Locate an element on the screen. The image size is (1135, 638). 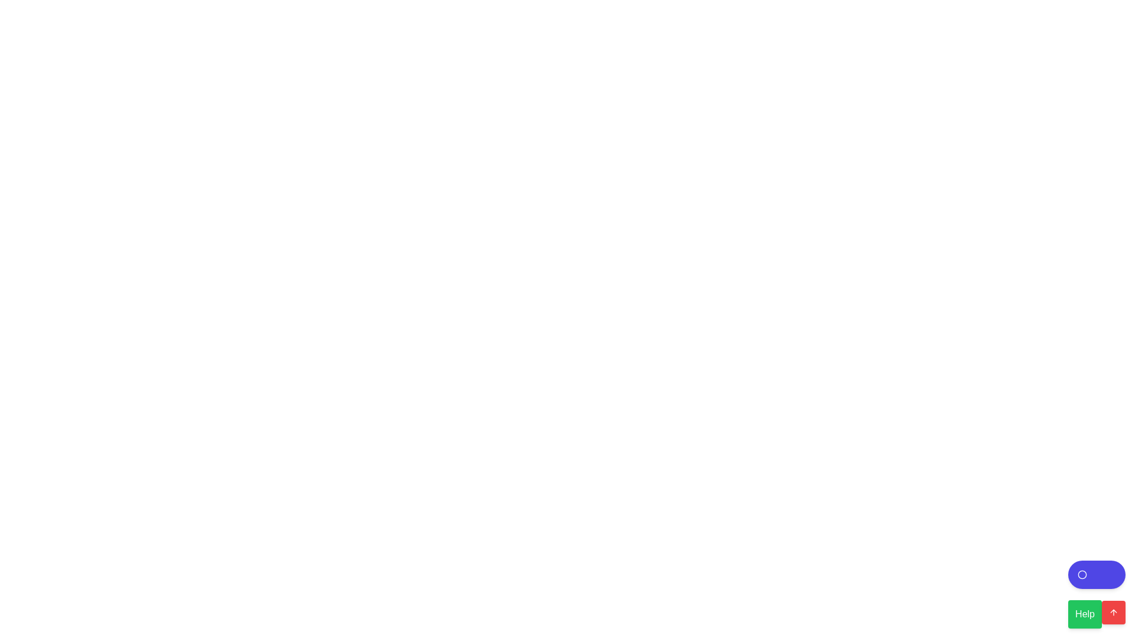
the leftmost button in the bottom-right corner of the interface, which likely provides access is located at coordinates (1096, 611).